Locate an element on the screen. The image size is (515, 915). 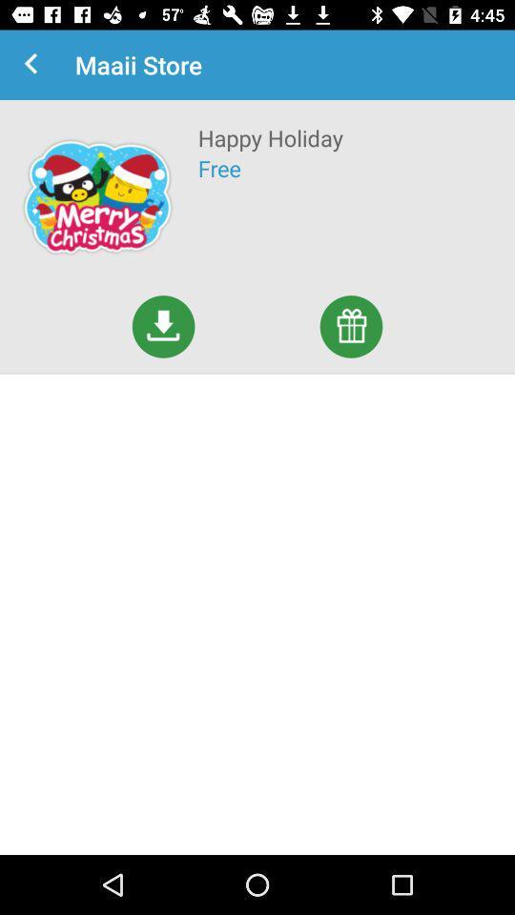
the file_download icon is located at coordinates (163, 326).